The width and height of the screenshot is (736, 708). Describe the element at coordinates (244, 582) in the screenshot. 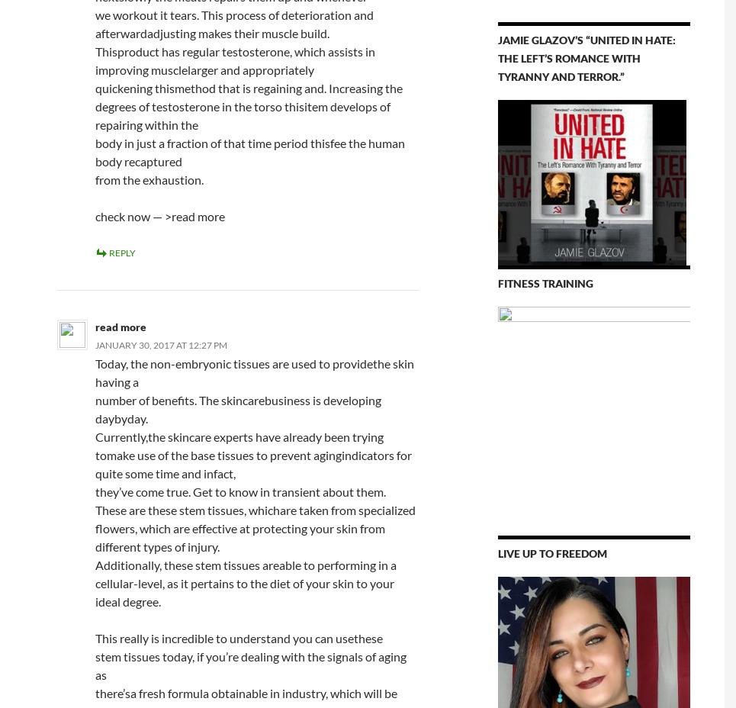

I see `'Additionally, these stem tissues areable to performing in a cellular-level, as it pertains to the diet of your skin to your ideal degree.'` at that location.